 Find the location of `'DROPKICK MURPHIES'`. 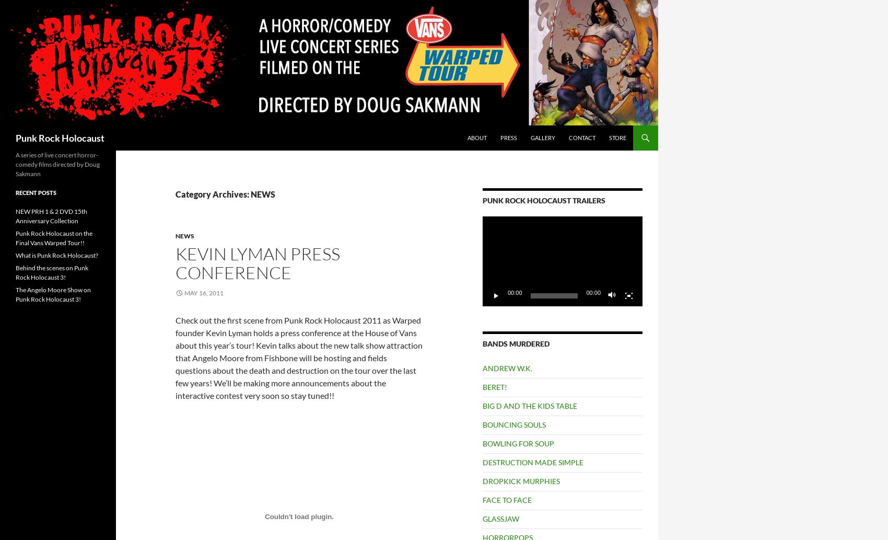

'DROPKICK MURPHIES' is located at coordinates (482, 480).